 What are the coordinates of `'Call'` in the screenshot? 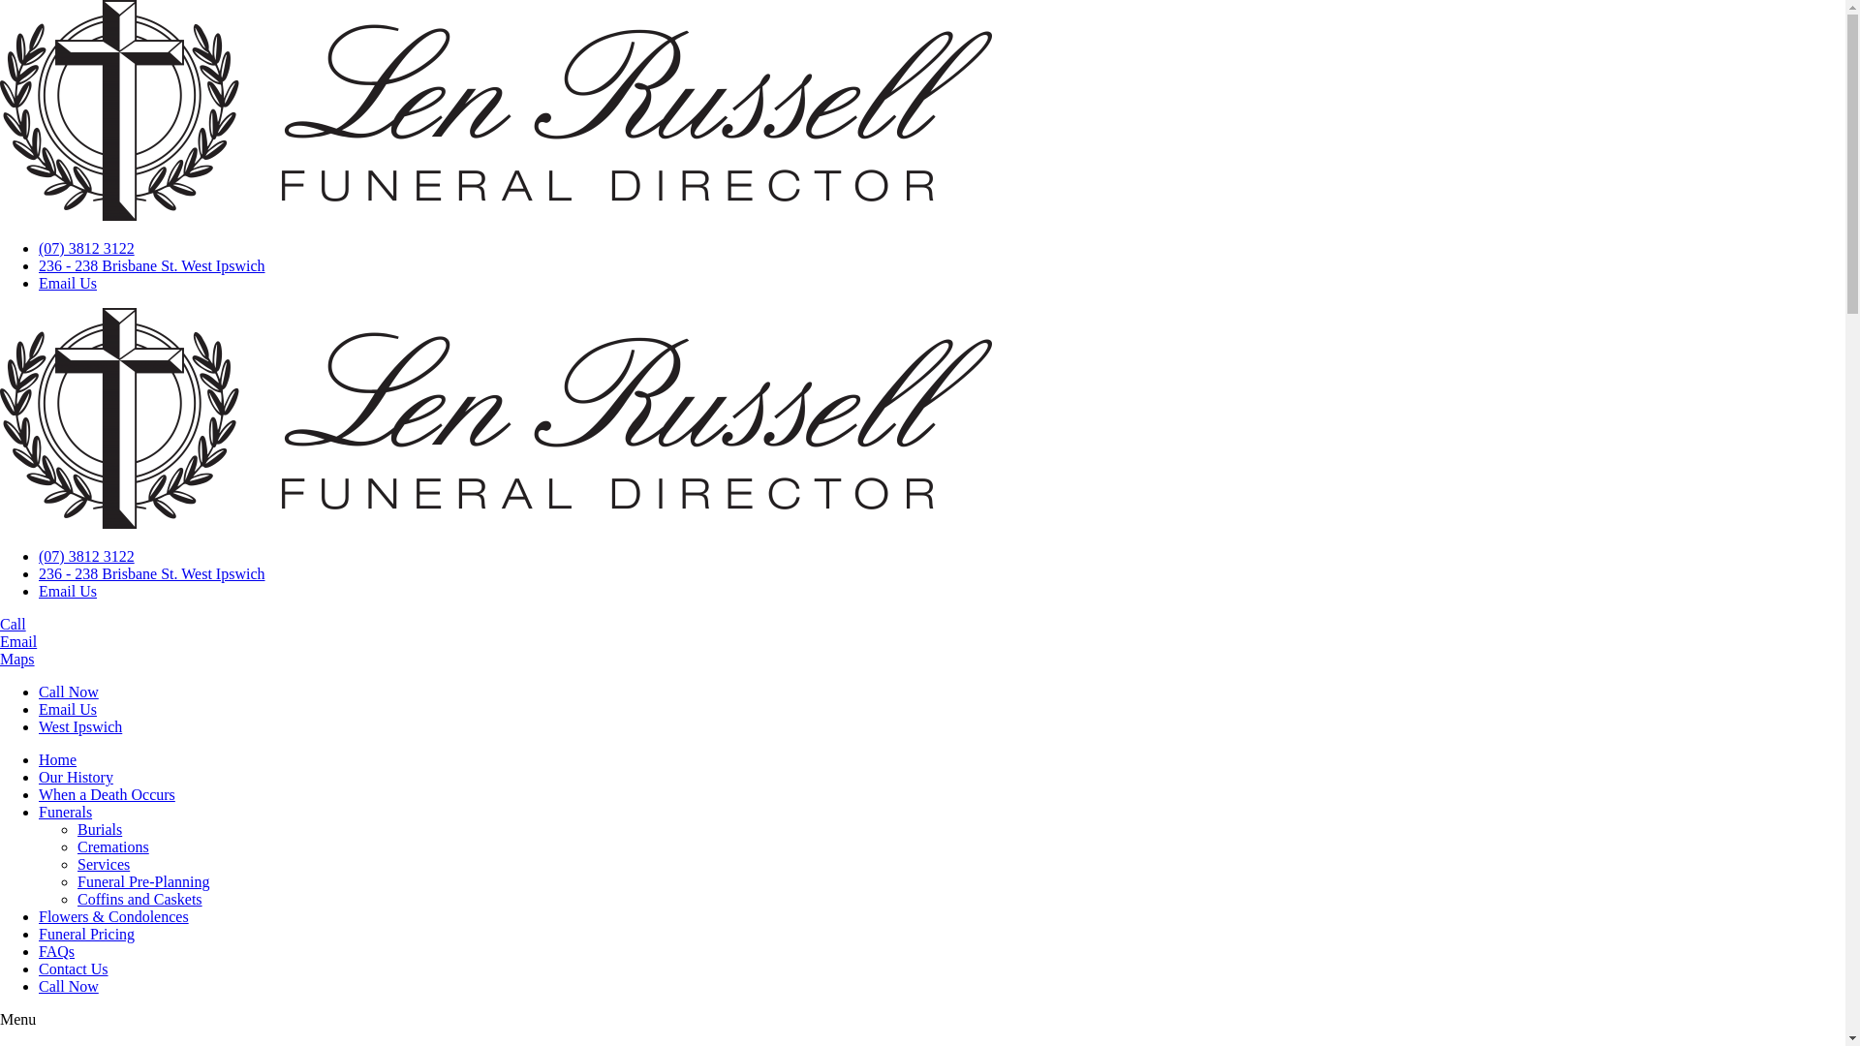 It's located at (13, 624).